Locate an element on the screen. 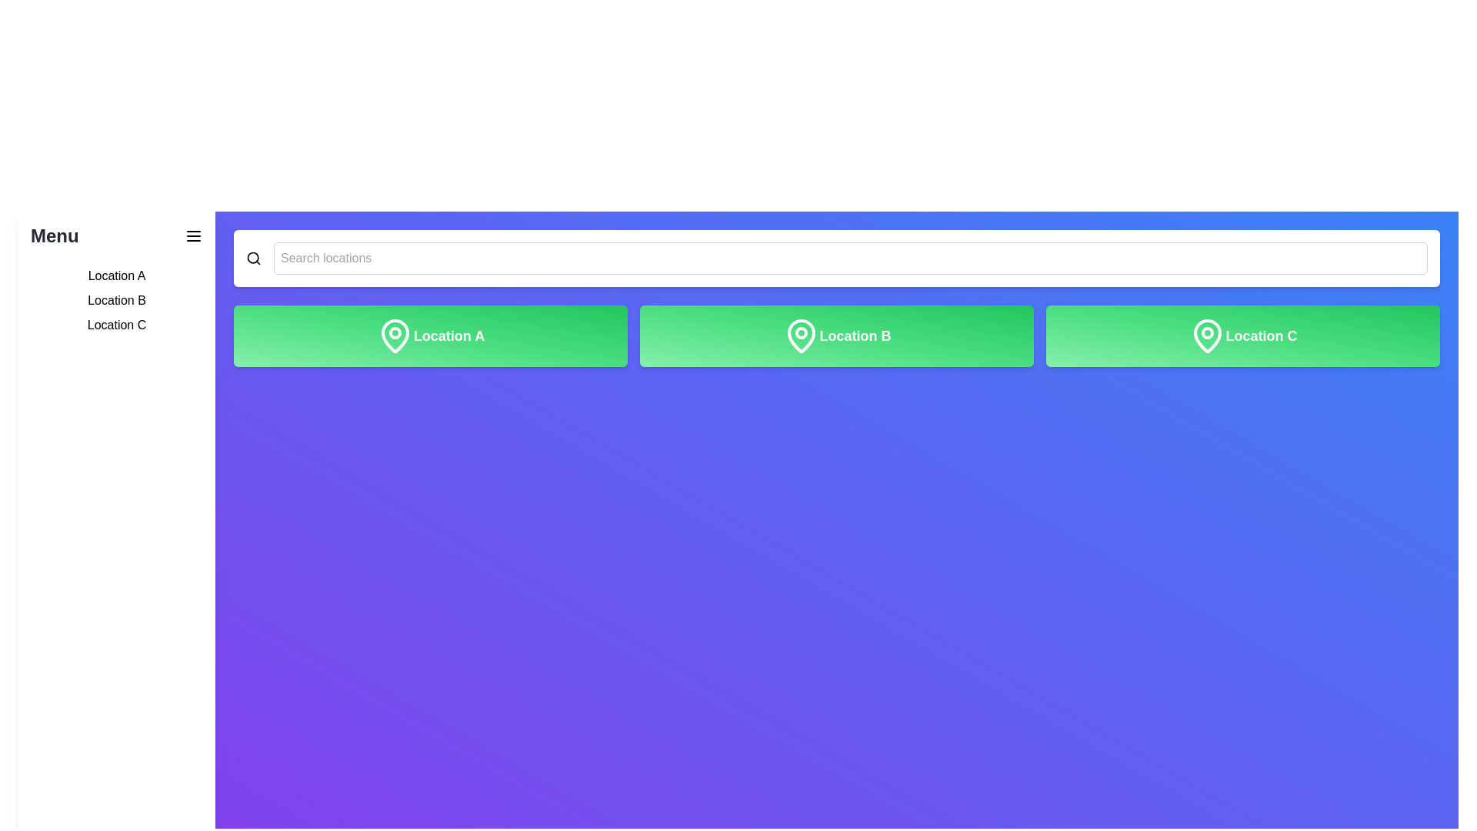  the central circle of the location pin icon associated with 'Location B', which is positioned in the middle of the three available location options is located at coordinates (800, 332).